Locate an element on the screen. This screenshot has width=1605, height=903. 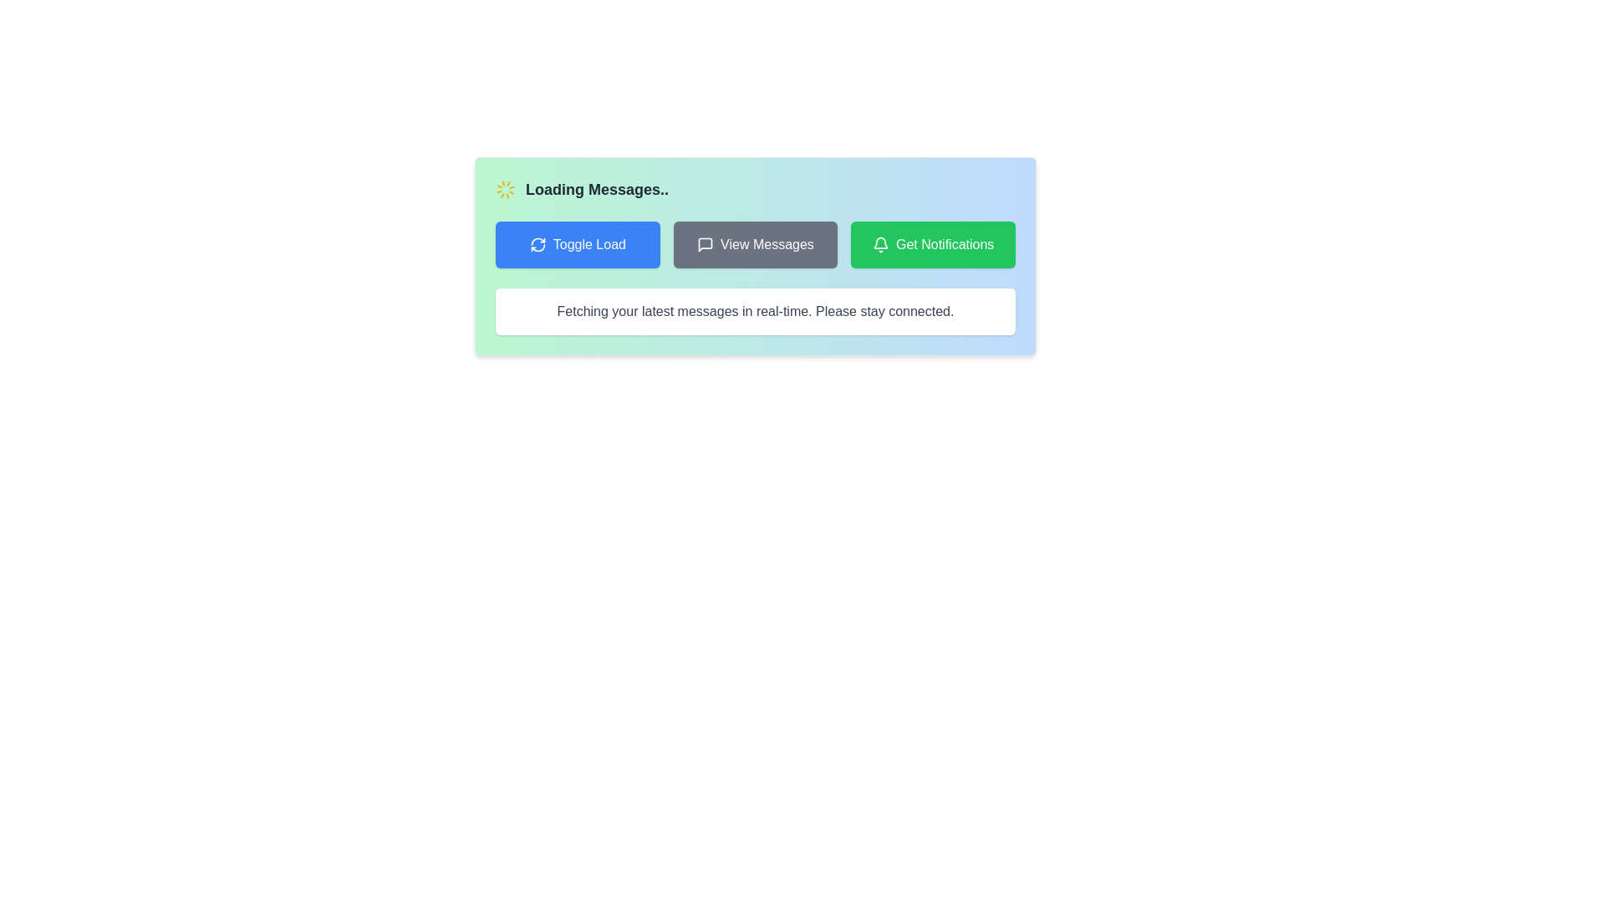
the toggle button located to the left of the 'View Messages' and 'Get Notifications' buttons, beneath the 'Loading Messages..' heading is located at coordinates (578, 245).